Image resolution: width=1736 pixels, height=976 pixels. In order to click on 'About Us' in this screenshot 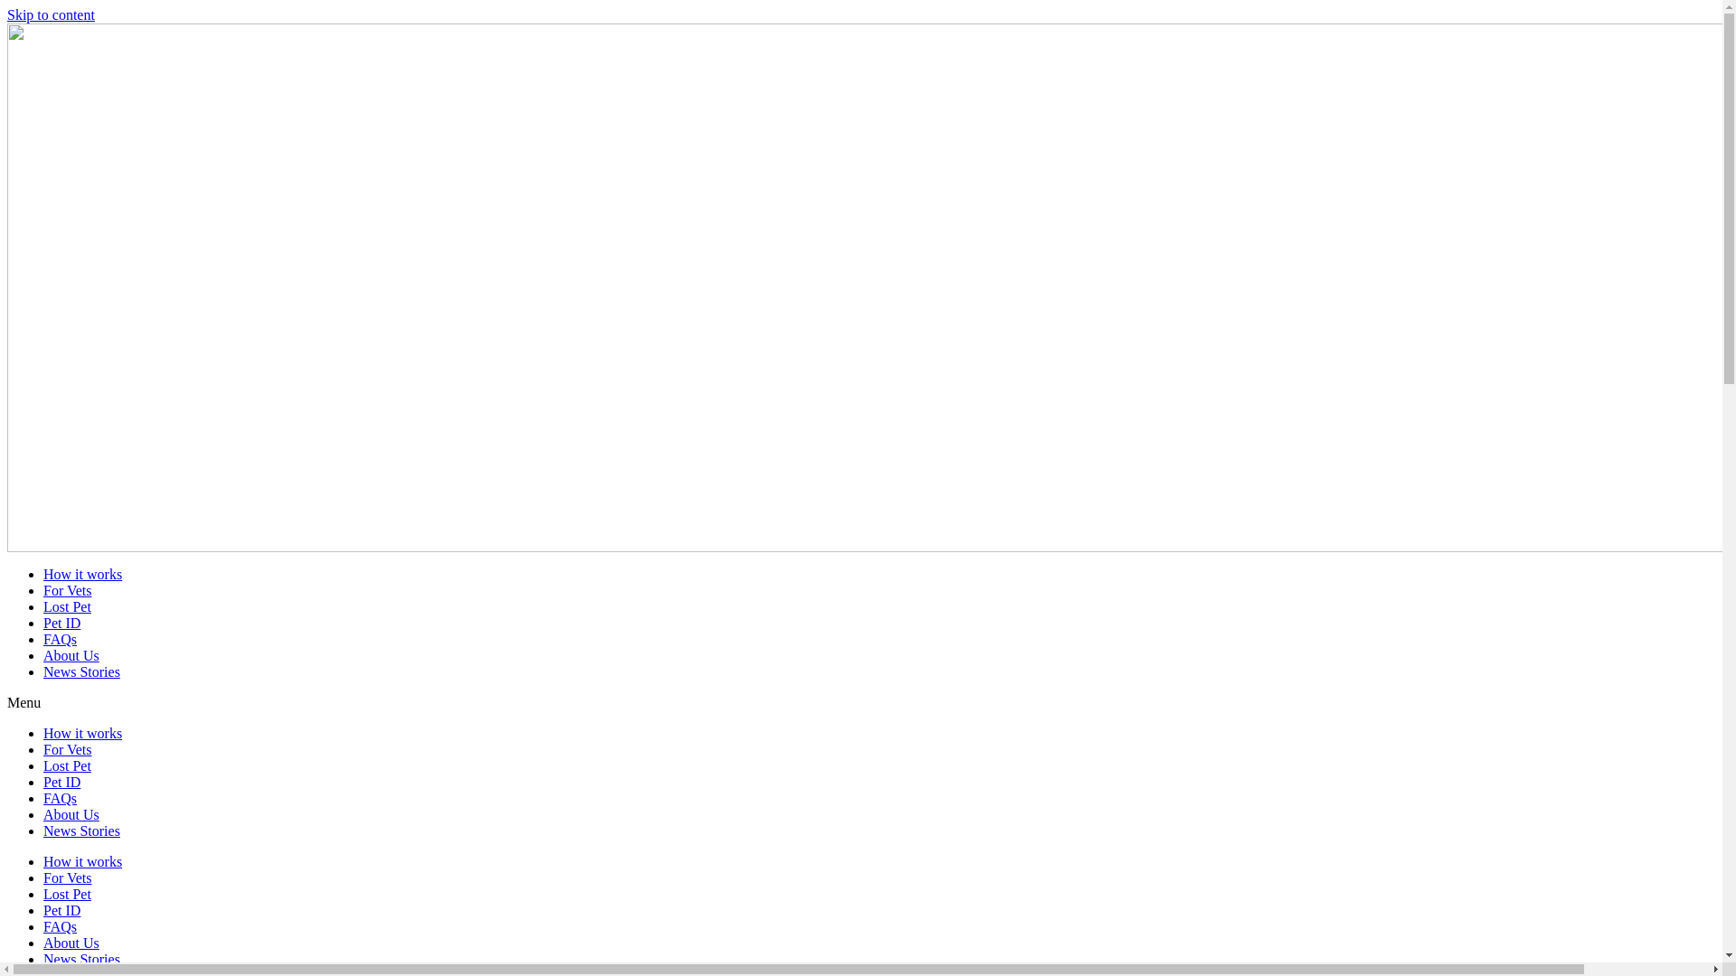, I will do `click(71, 942)`.